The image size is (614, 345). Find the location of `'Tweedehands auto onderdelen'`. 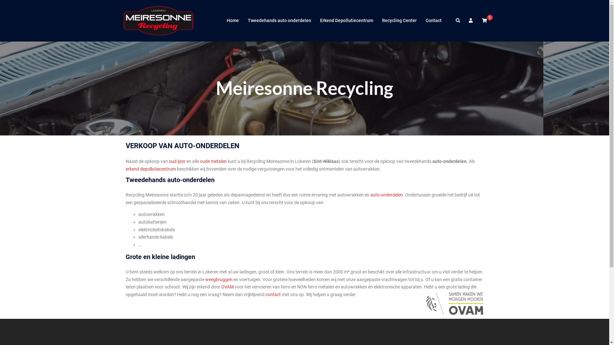

'Tweedehands auto onderdelen' is located at coordinates (279, 20).